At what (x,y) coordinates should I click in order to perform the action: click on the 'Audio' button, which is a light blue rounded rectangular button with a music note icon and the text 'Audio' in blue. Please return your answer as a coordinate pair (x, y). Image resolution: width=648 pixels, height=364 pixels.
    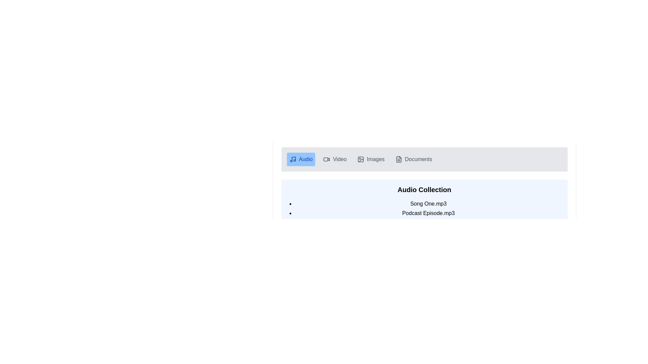
    Looking at the image, I should click on (301, 159).